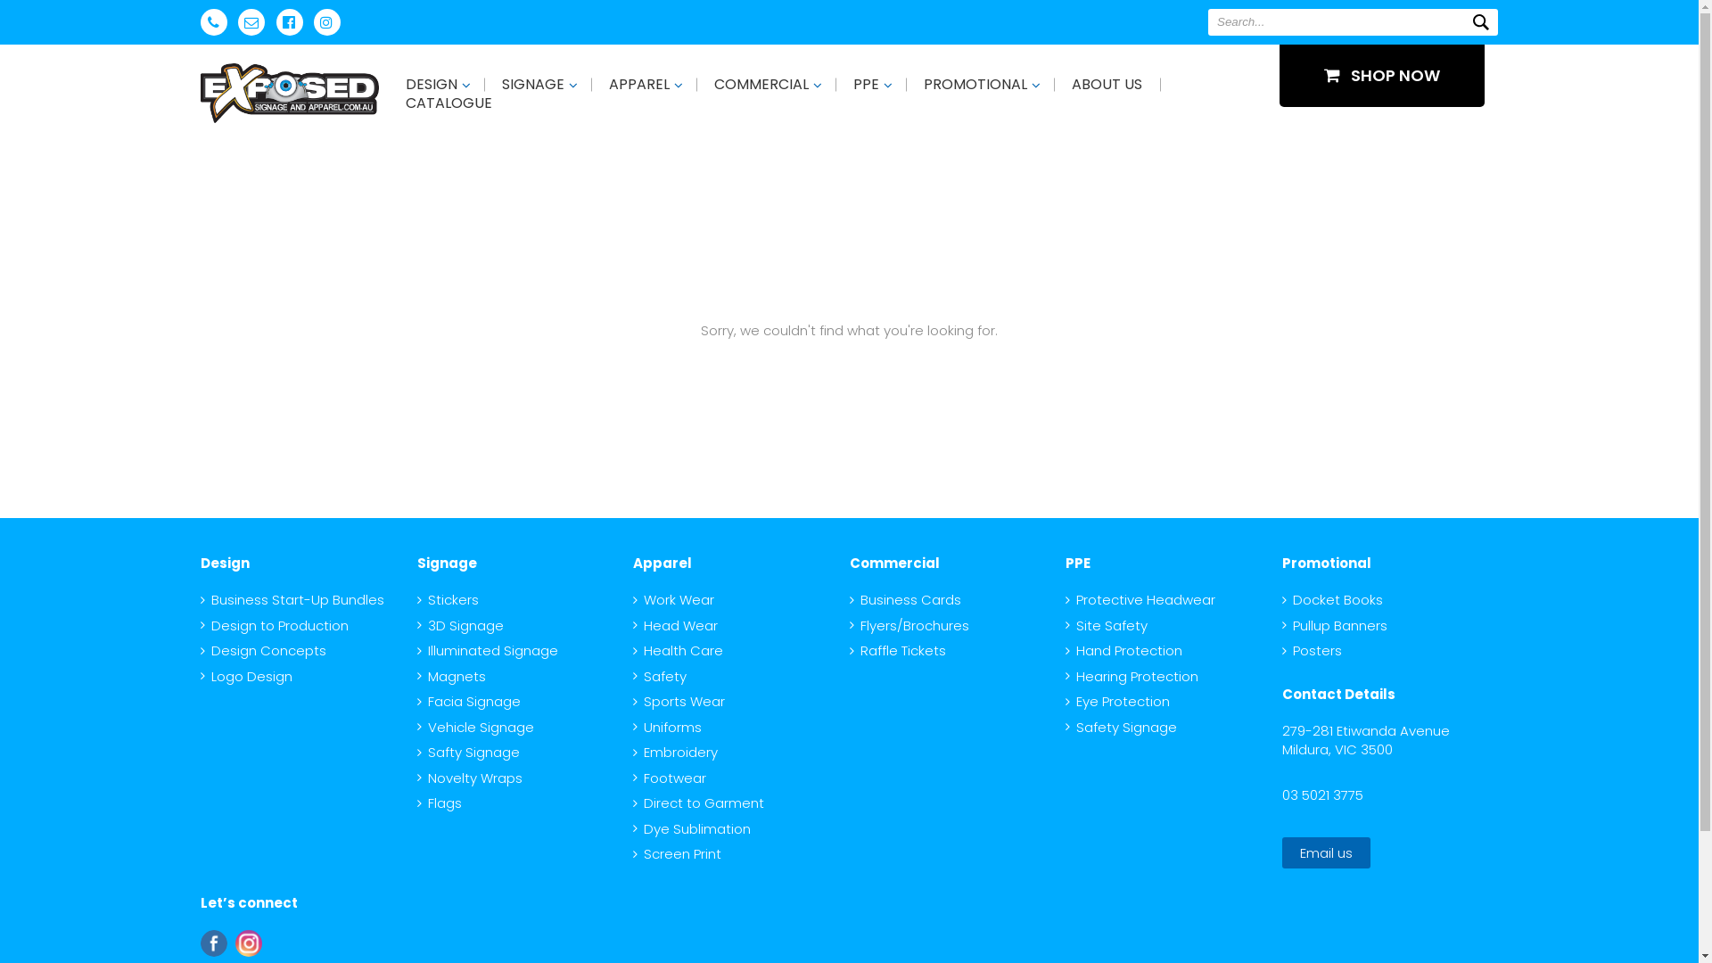 The image size is (1712, 963). Describe the element at coordinates (488, 650) in the screenshot. I see `'Illuminated Signage'` at that location.